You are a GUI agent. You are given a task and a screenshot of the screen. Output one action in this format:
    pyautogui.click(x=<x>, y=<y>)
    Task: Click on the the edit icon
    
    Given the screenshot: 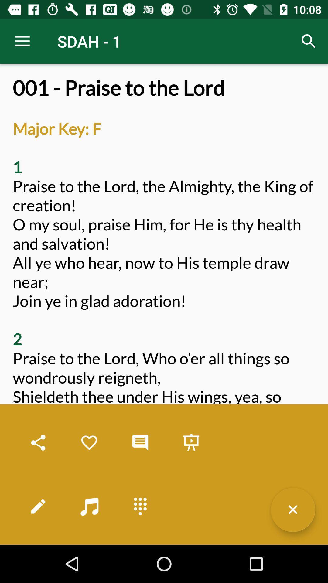 What is the action you would take?
    pyautogui.click(x=38, y=506)
    